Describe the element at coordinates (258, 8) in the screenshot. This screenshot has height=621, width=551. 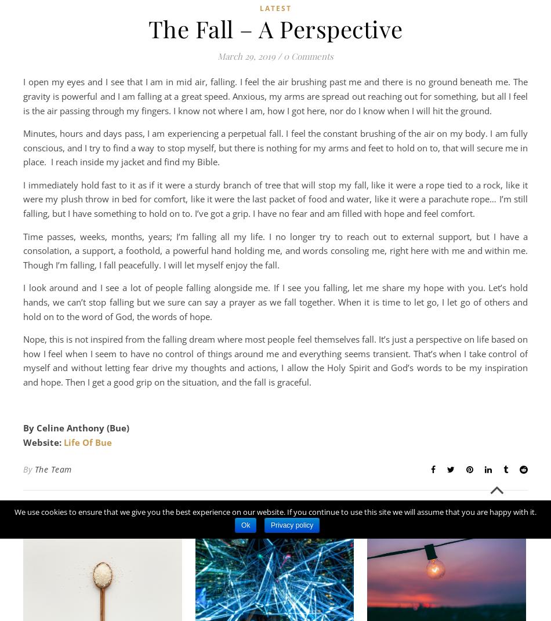
I see `'Latest'` at that location.